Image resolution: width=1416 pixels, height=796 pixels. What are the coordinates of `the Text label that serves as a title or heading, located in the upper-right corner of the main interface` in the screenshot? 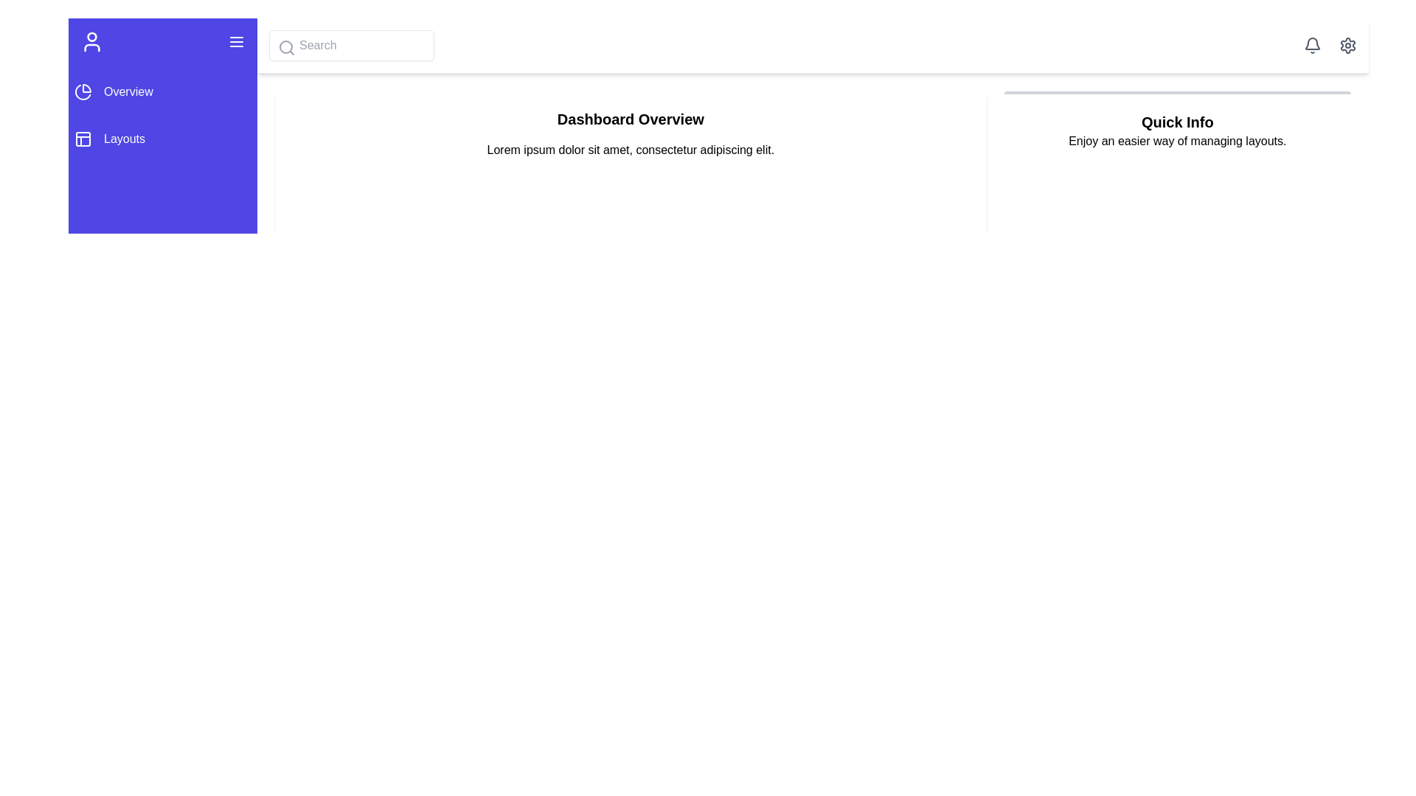 It's located at (1176, 121).